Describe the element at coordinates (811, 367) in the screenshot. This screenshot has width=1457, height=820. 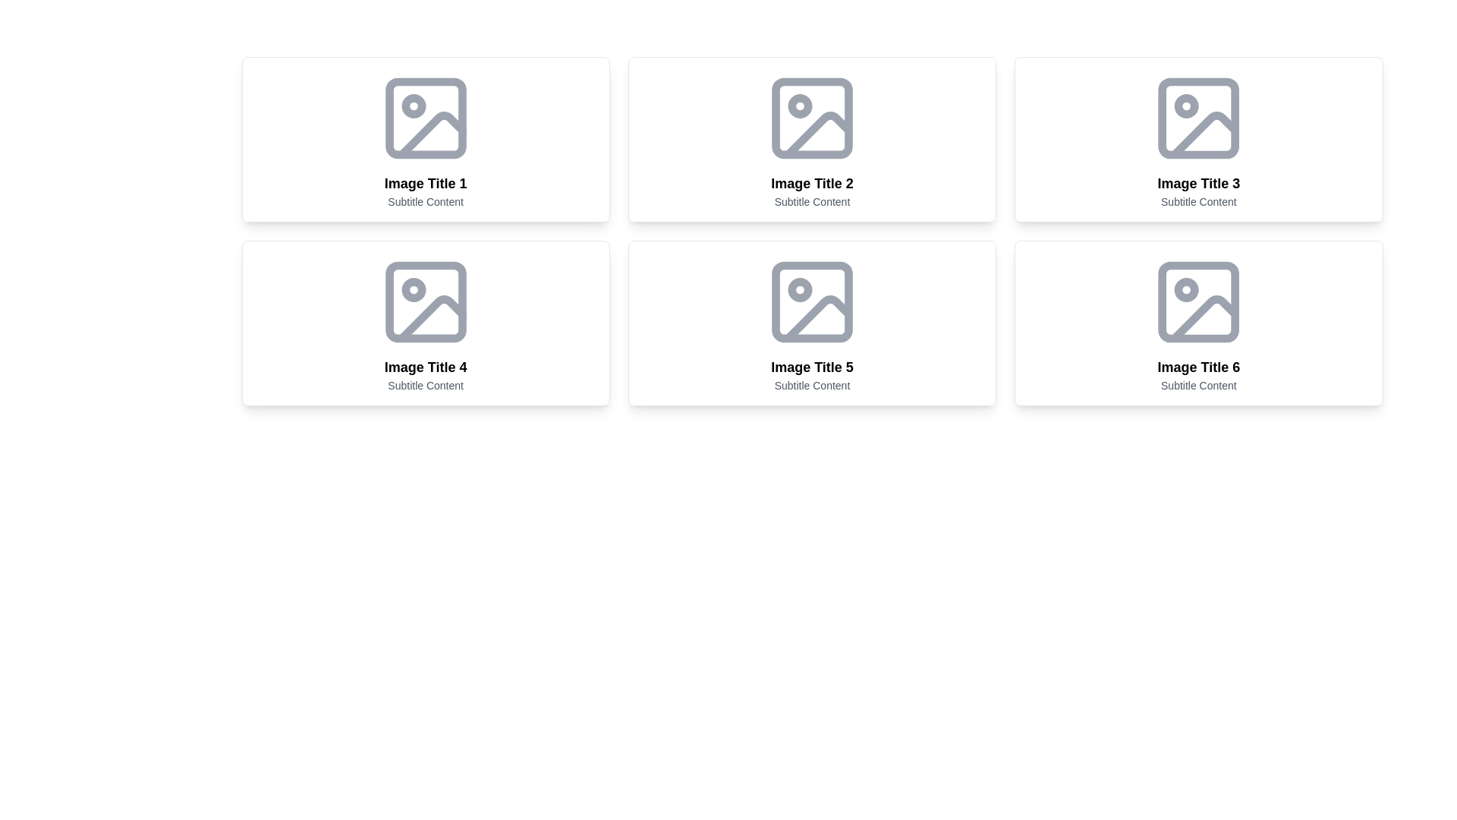
I see `the primary title text within the card` at that location.